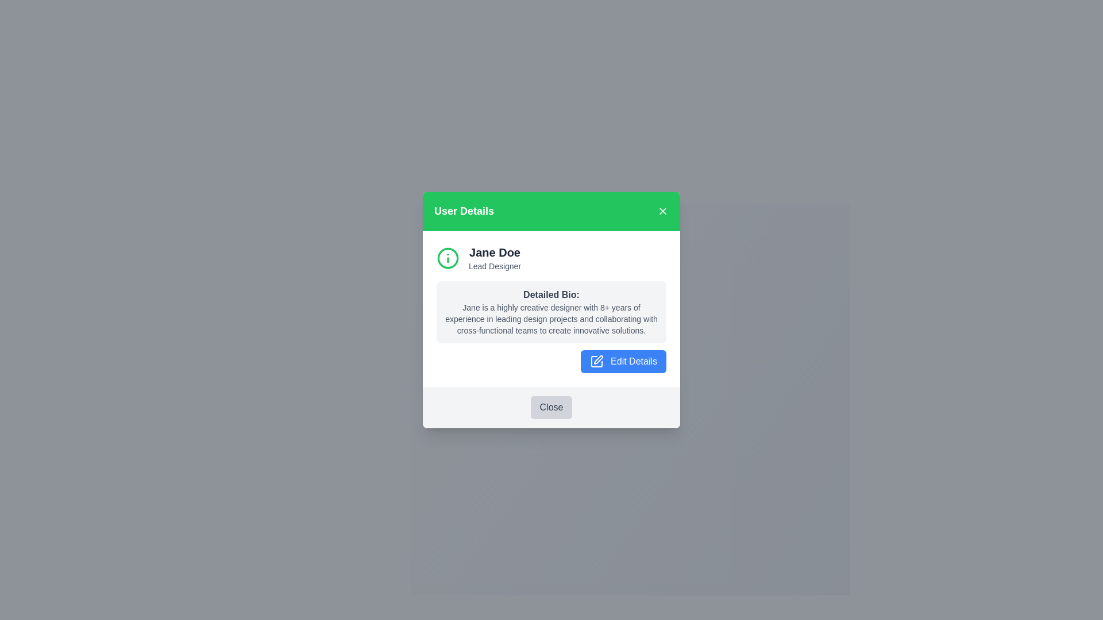  I want to click on the interactive button located at the bottom-right of the 'Detailed Bio:' section, so click(551, 360).